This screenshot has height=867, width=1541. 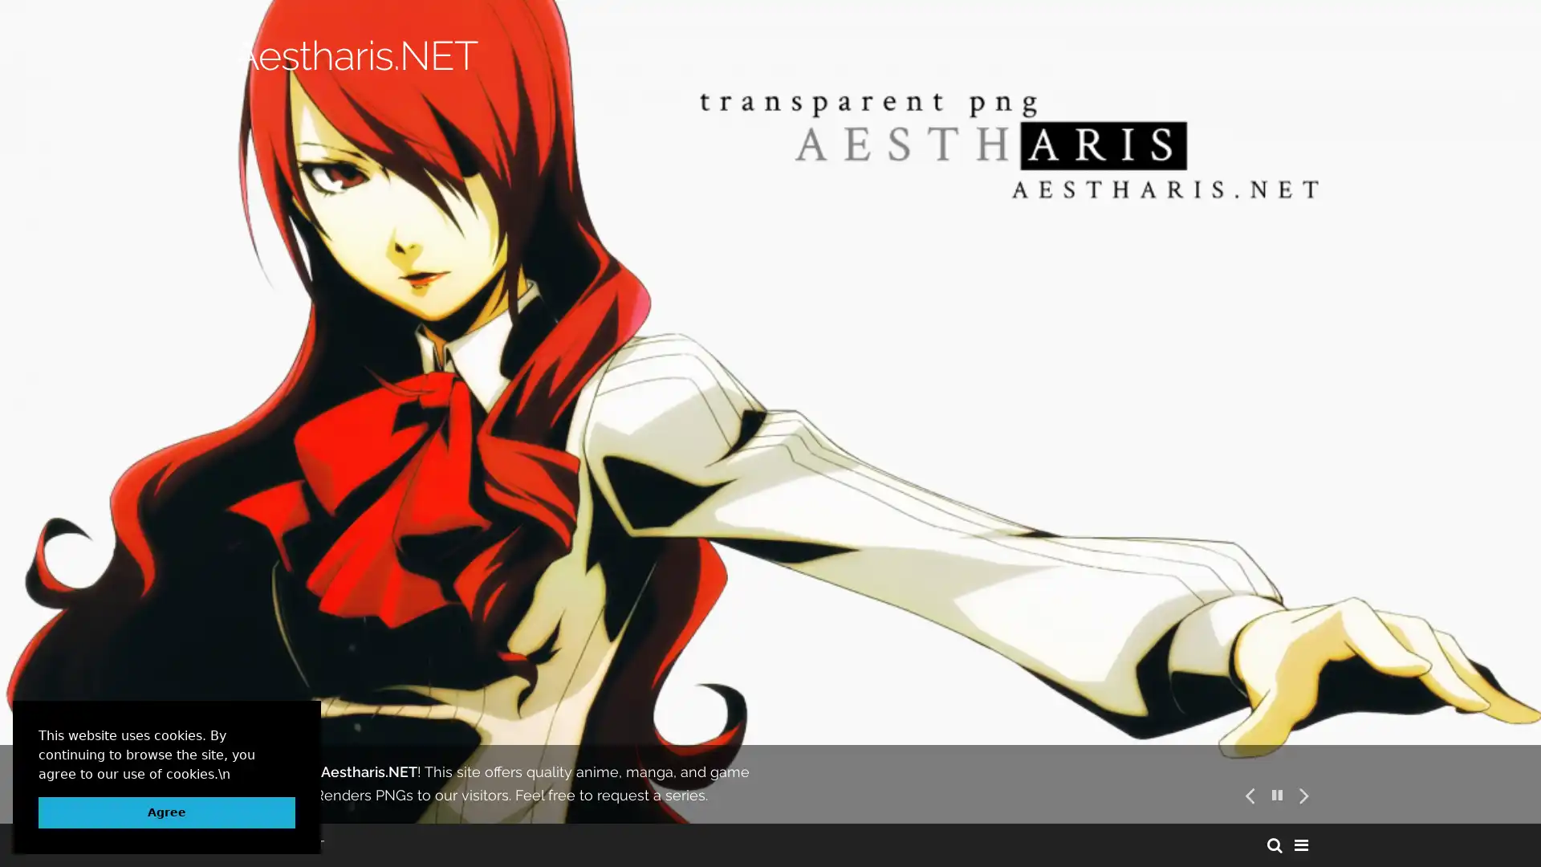 I want to click on learn more about cookies, so click(x=235, y=774).